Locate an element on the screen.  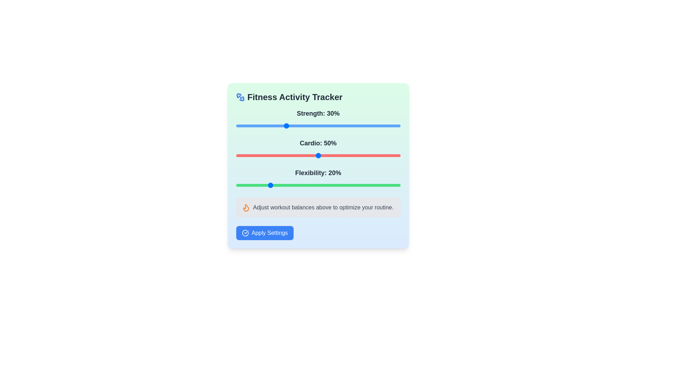
cardio level is located at coordinates (392, 155).